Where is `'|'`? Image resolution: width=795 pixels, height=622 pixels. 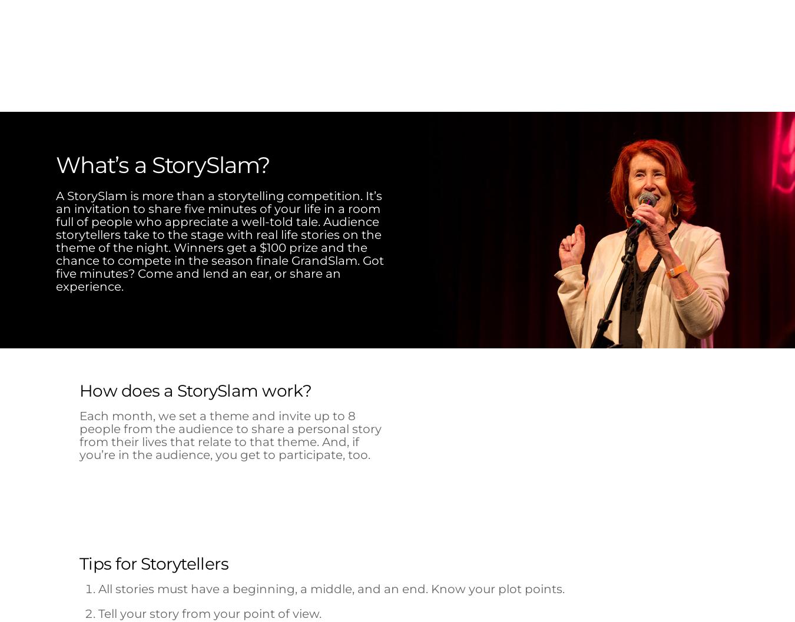 '|' is located at coordinates (513, 292).